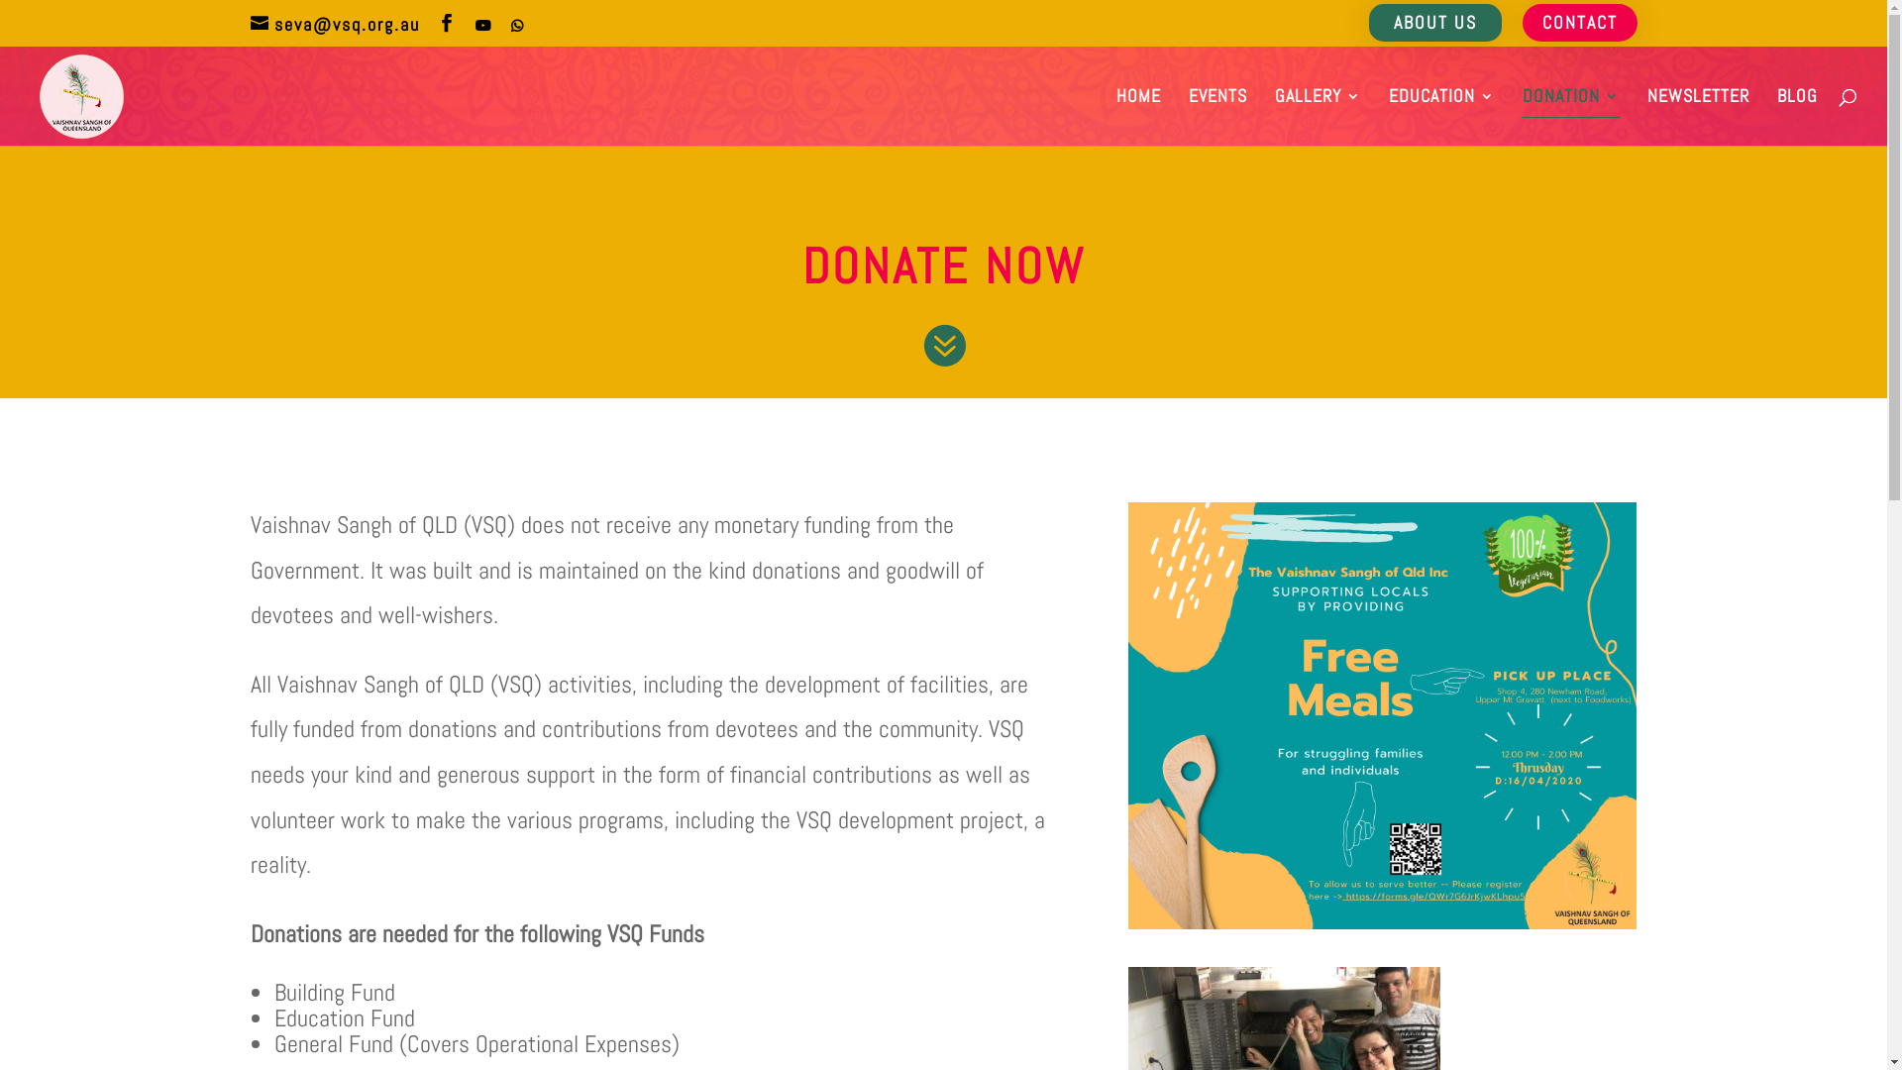  What do you see at coordinates (1368, 23) in the screenshot?
I see `'ABOUT US'` at bounding box center [1368, 23].